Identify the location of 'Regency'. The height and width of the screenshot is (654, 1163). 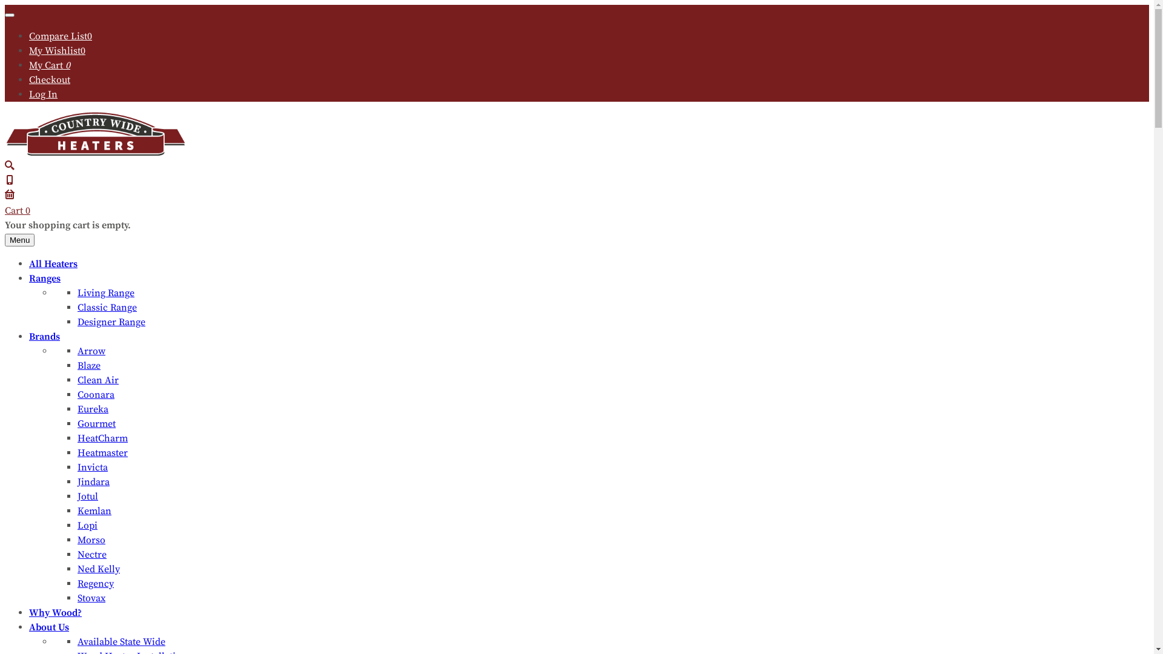
(95, 583).